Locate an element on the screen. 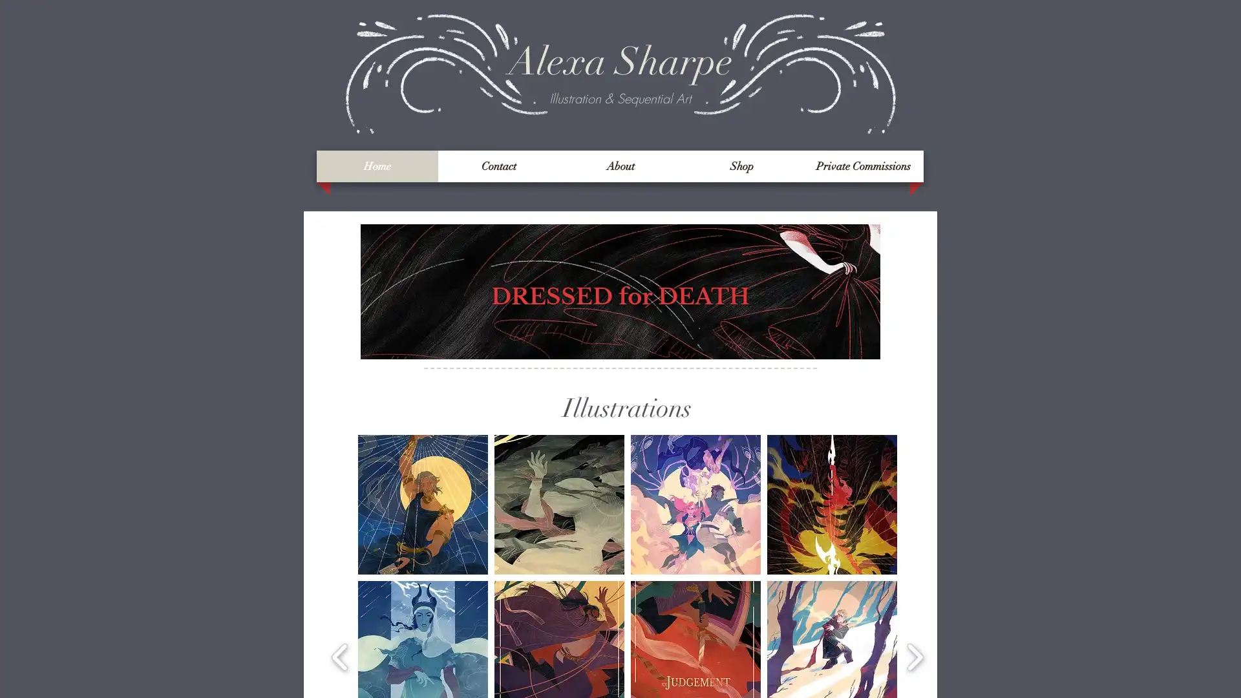 The width and height of the screenshot is (1241, 698). previous is located at coordinates (340, 655).